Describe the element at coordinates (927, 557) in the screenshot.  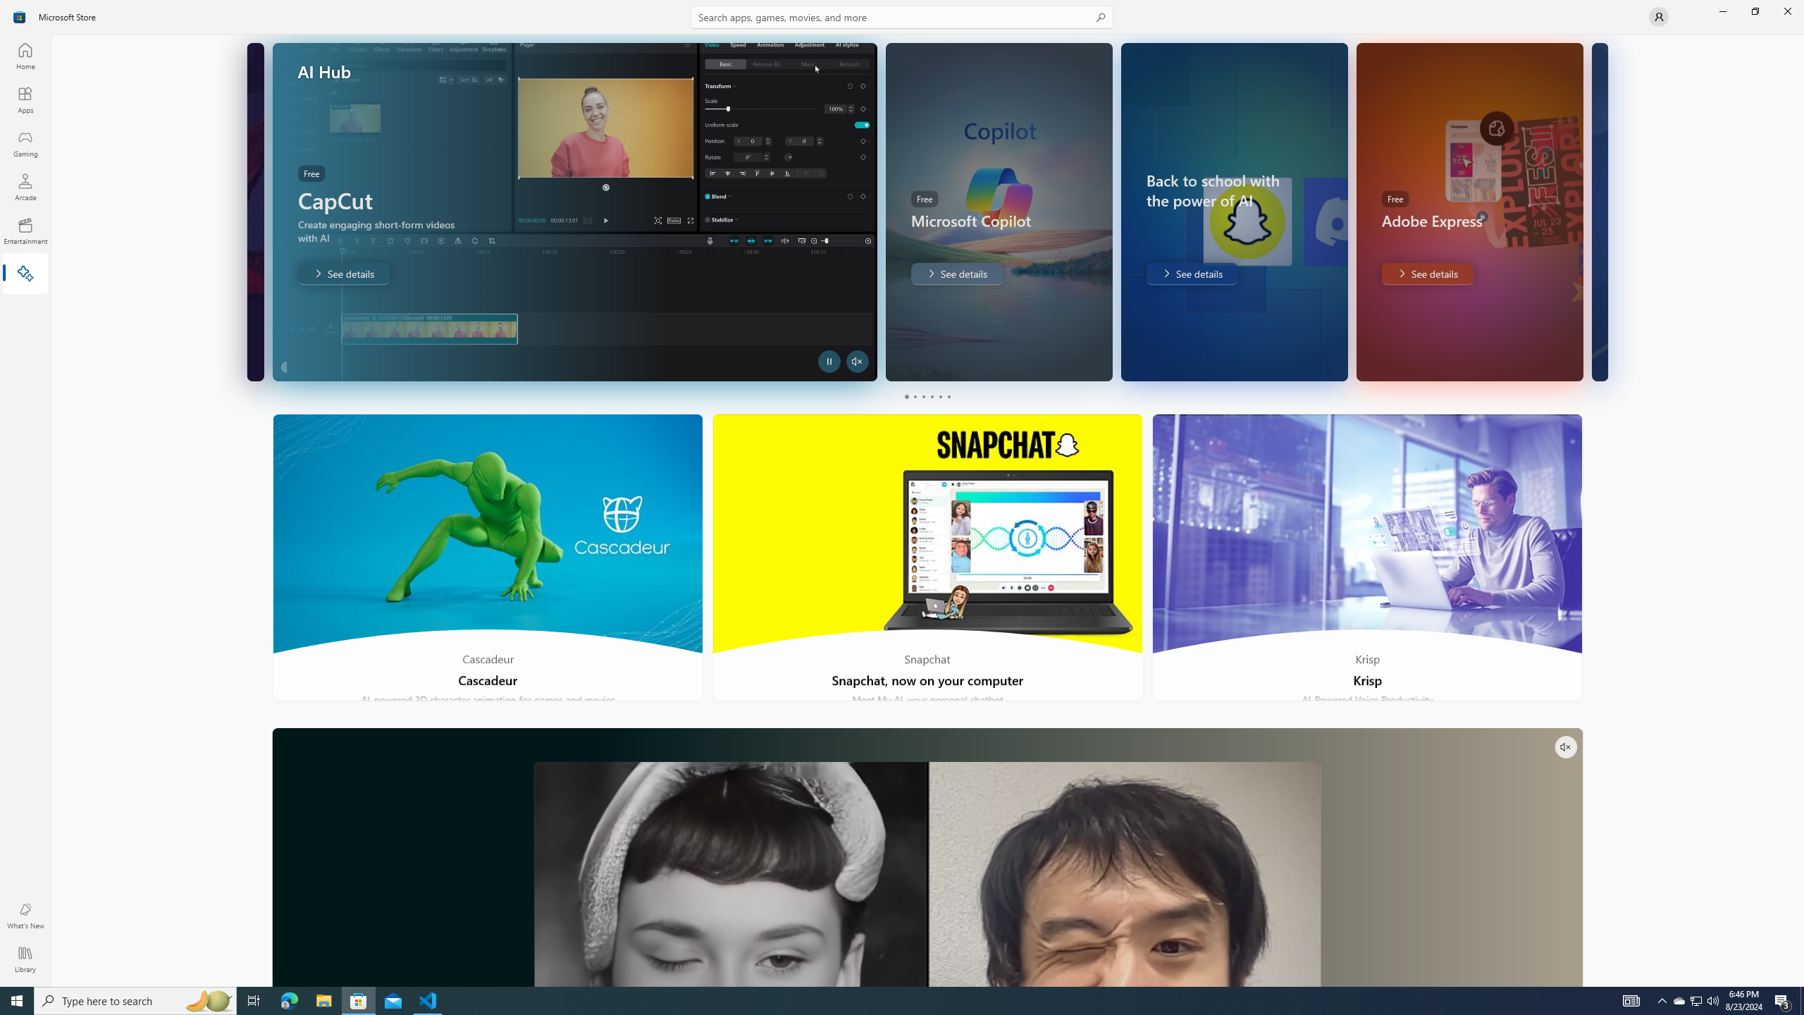
I see `'Snapchat, now on your computer'` at that location.